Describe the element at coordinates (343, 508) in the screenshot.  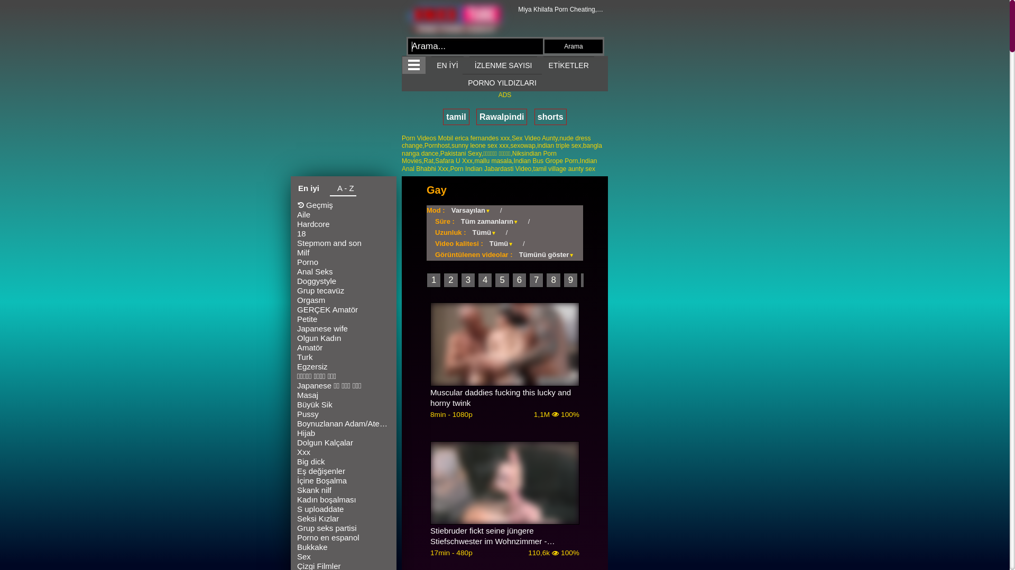
I see `'S uploaddate'` at that location.